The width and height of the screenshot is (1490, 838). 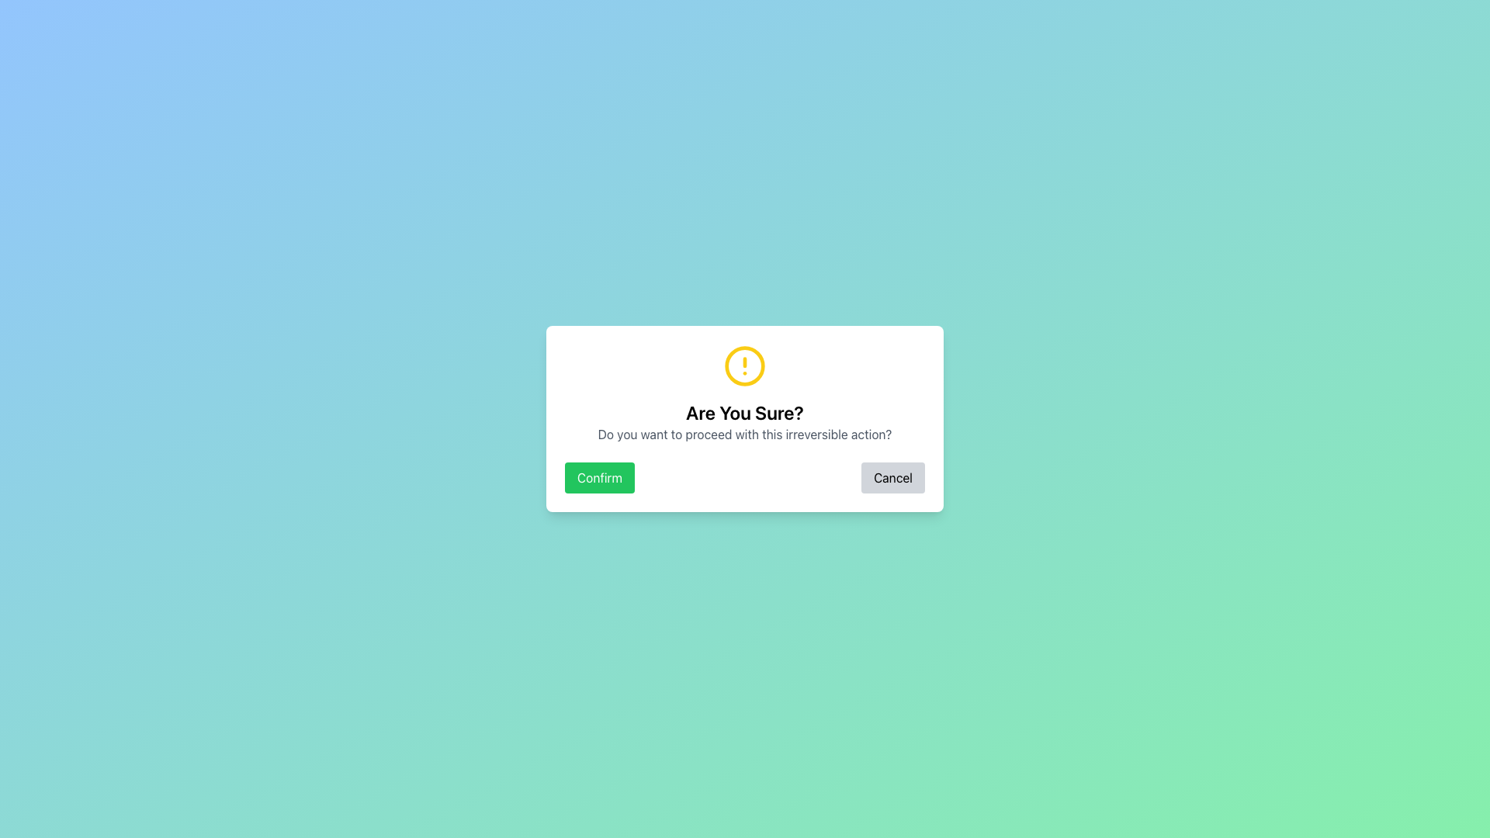 What do you see at coordinates (745, 365) in the screenshot?
I see `the innermost circle of the alert icon, which has a yellow border and a white background, located at the top-center of the confirmation dialog` at bounding box center [745, 365].